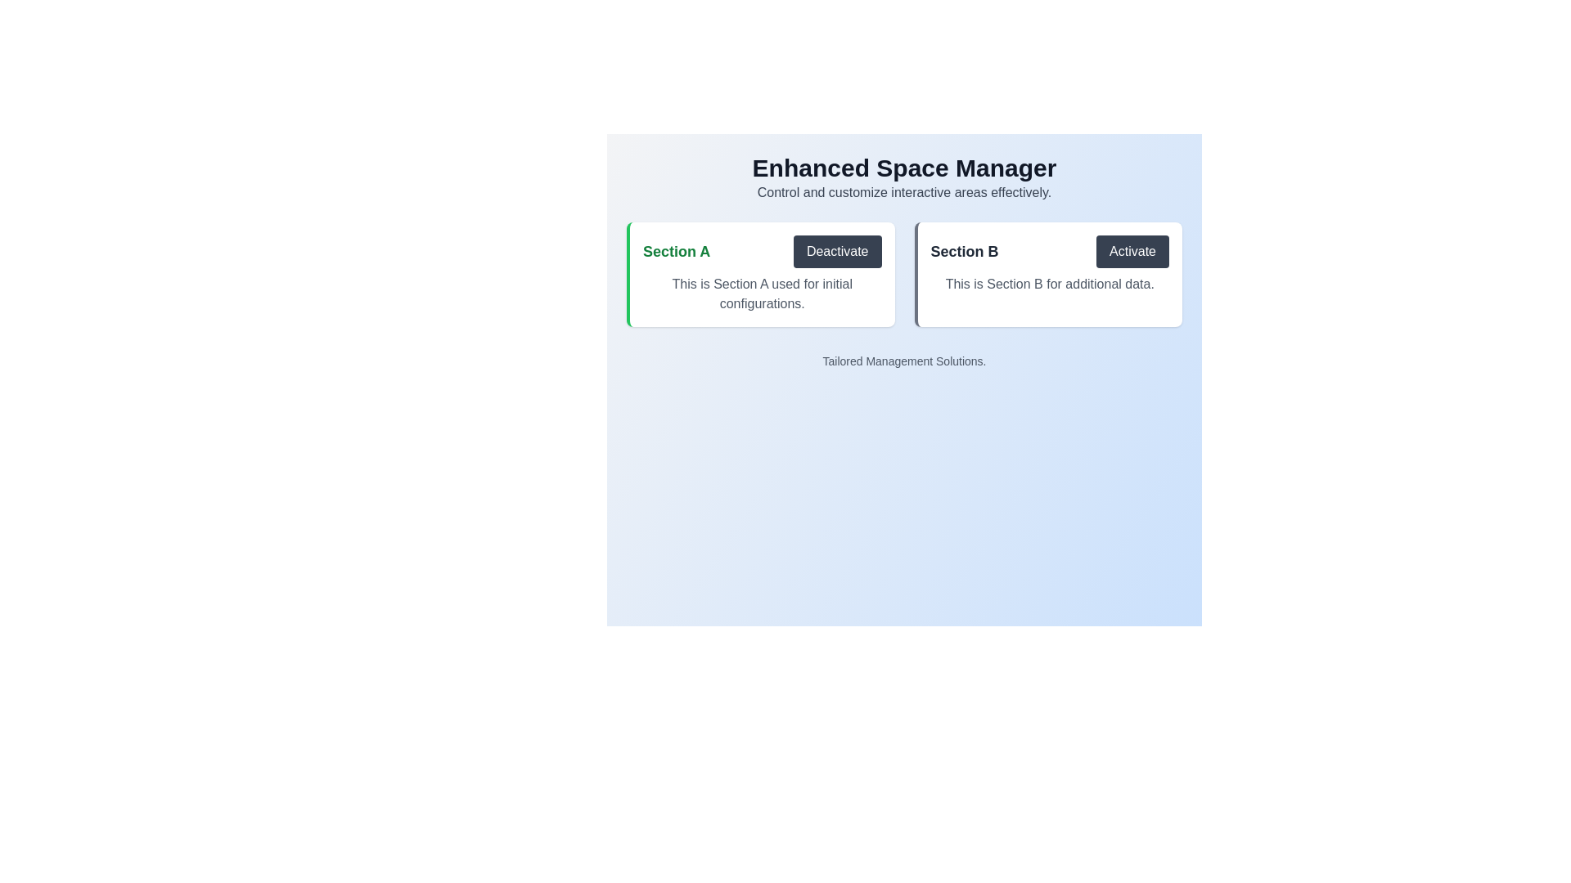 This screenshot has width=1571, height=883. I want to click on the Text label at the top-left corner of the card that serves as a section title, located to the left of the 'Deactivate' button, so click(677, 252).